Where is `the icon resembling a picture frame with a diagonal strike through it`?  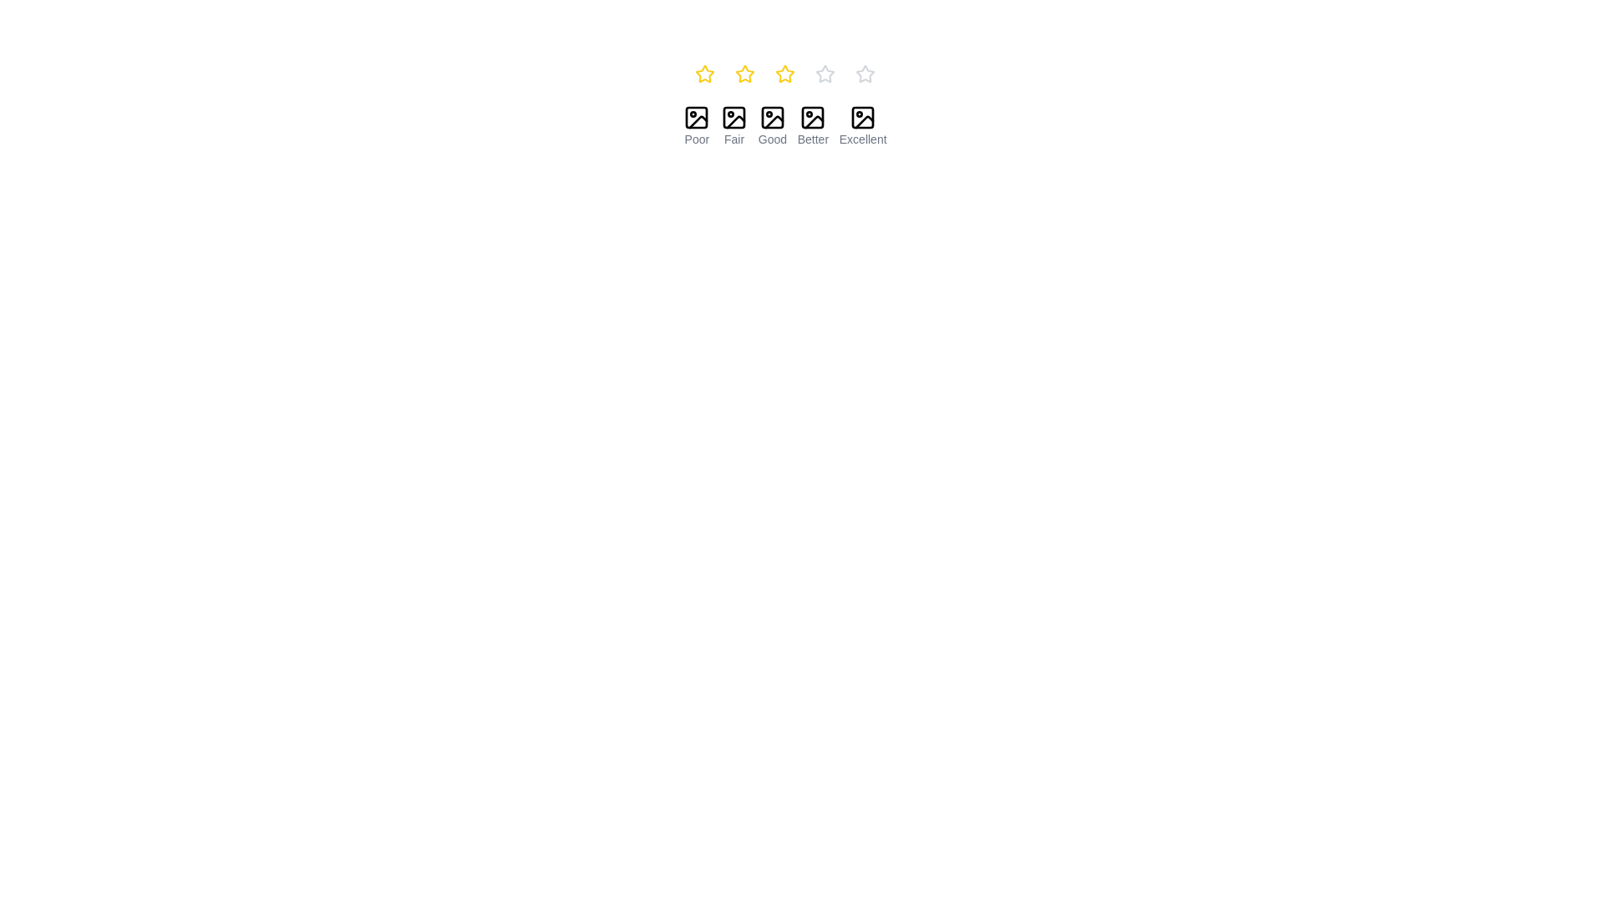 the icon resembling a picture frame with a diagonal strike through it is located at coordinates (771, 117).